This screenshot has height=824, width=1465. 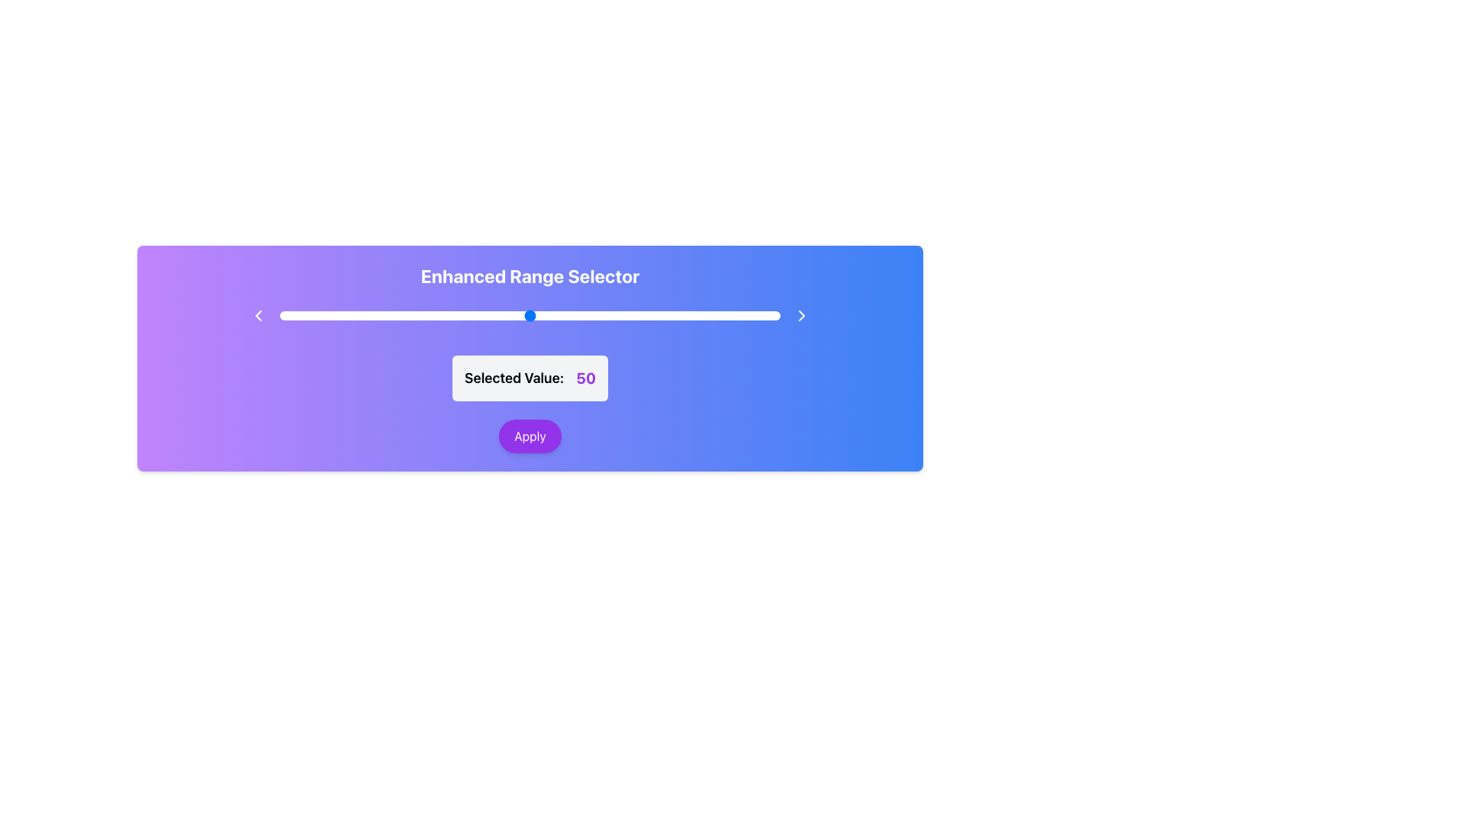 What do you see at coordinates (714, 314) in the screenshot?
I see `the slider` at bounding box center [714, 314].